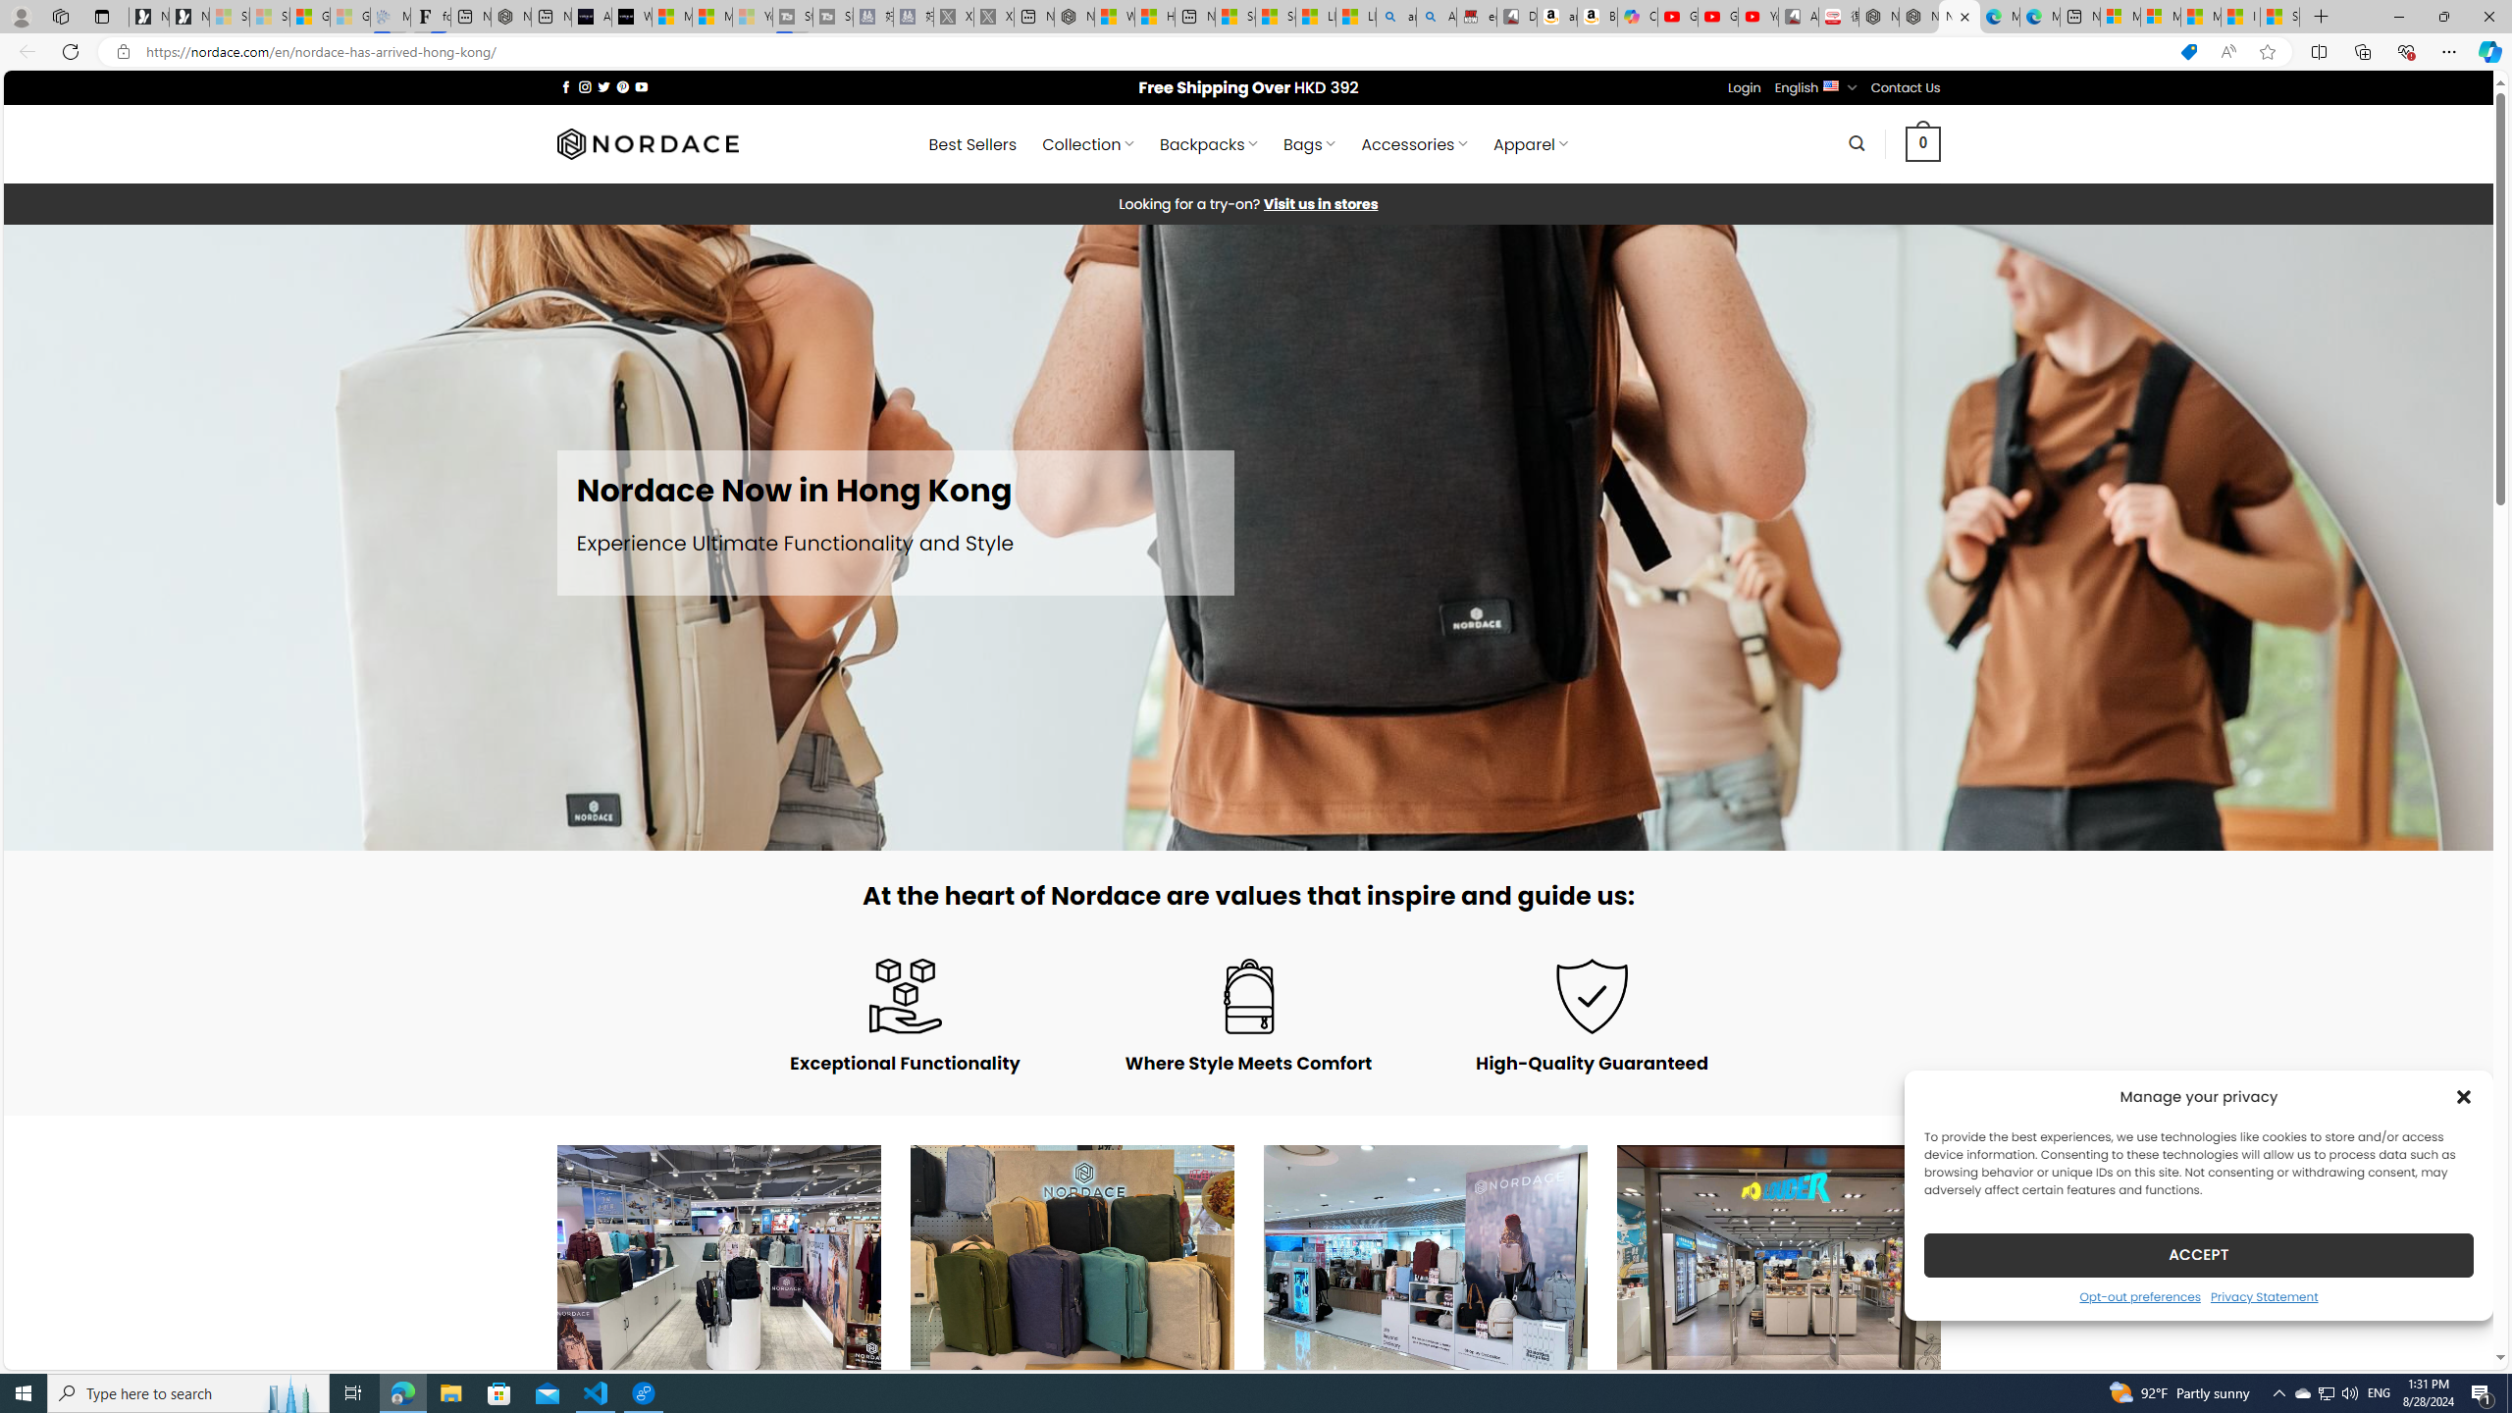 The image size is (2512, 1413). I want to click on 'Follow on YouTube', so click(641, 86).